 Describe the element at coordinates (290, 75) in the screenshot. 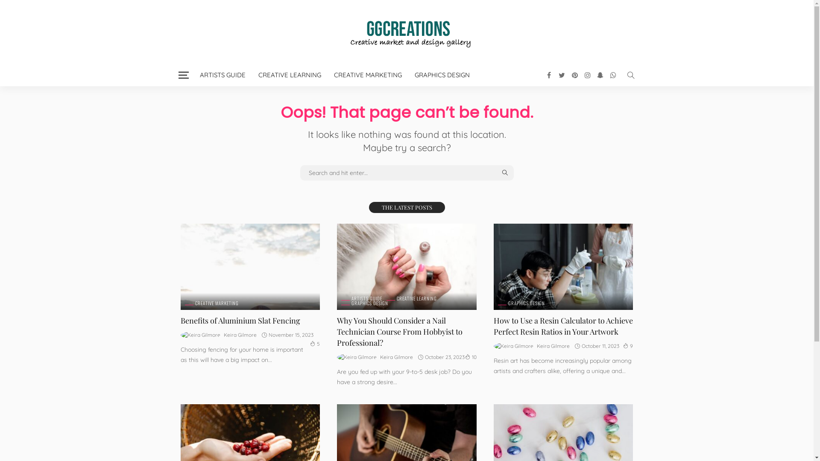

I see `'CREATIVE LEARNING'` at that location.